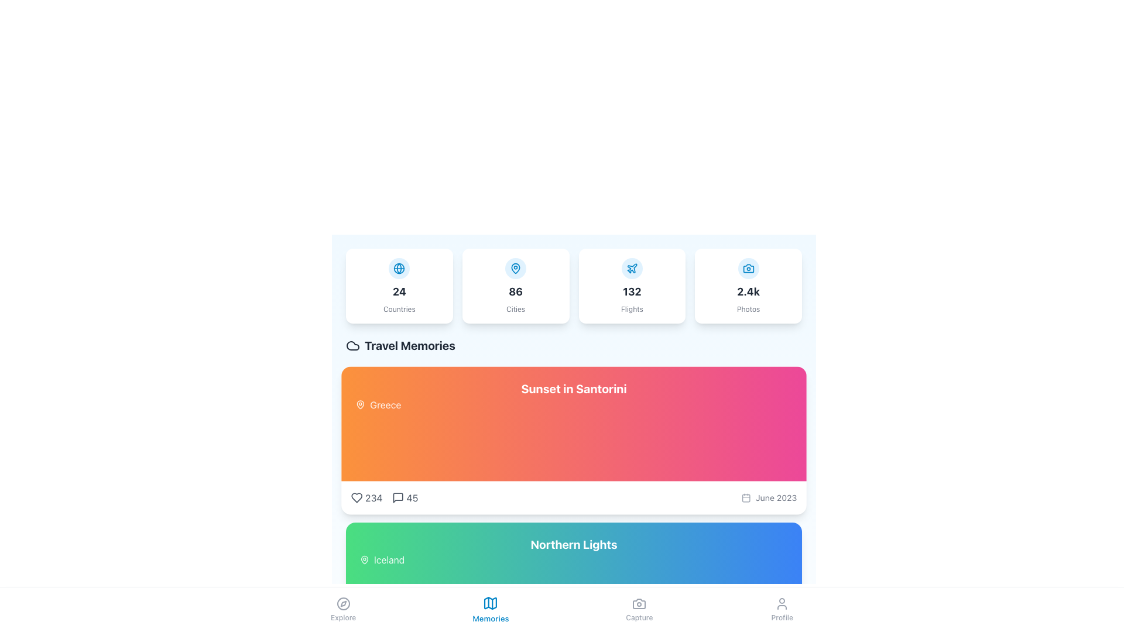 The height and width of the screenshot is (632, 1124). What do you see at coordinates (491, 618) in the screenshot?
I see `the text label displaying 'Memories' in bold blue font, located at the bottom navigation bar, directly below the map icon` at bounding box center [491, 618].